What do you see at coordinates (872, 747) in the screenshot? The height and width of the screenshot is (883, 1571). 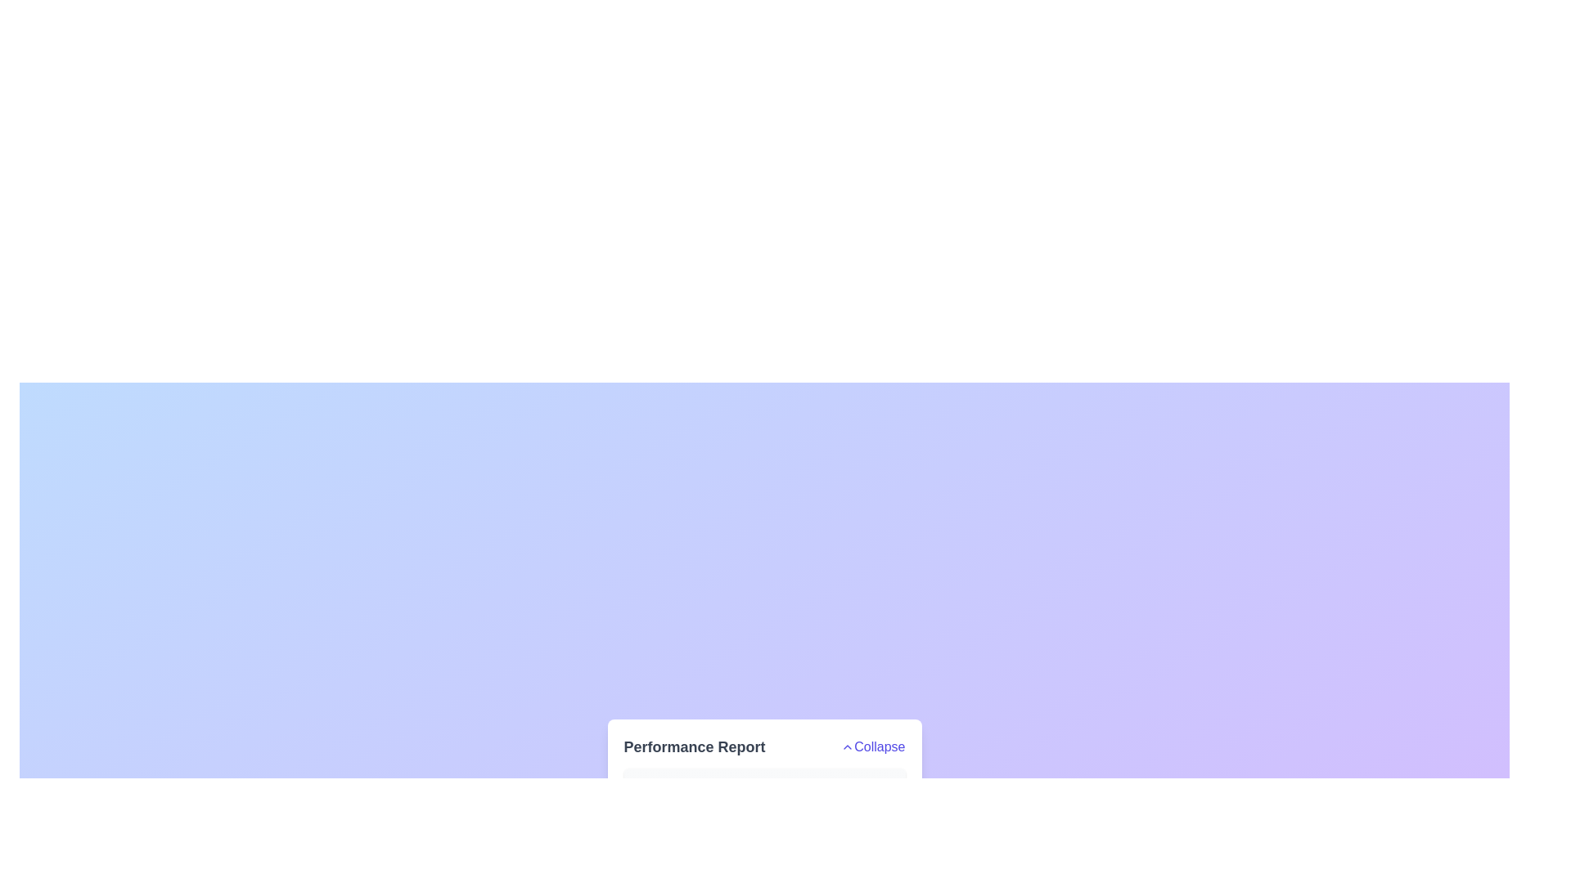 I see `the 'Collapse' button located on the right-hand side of the 'Performance Report' section` at bounding box center [872, 747].